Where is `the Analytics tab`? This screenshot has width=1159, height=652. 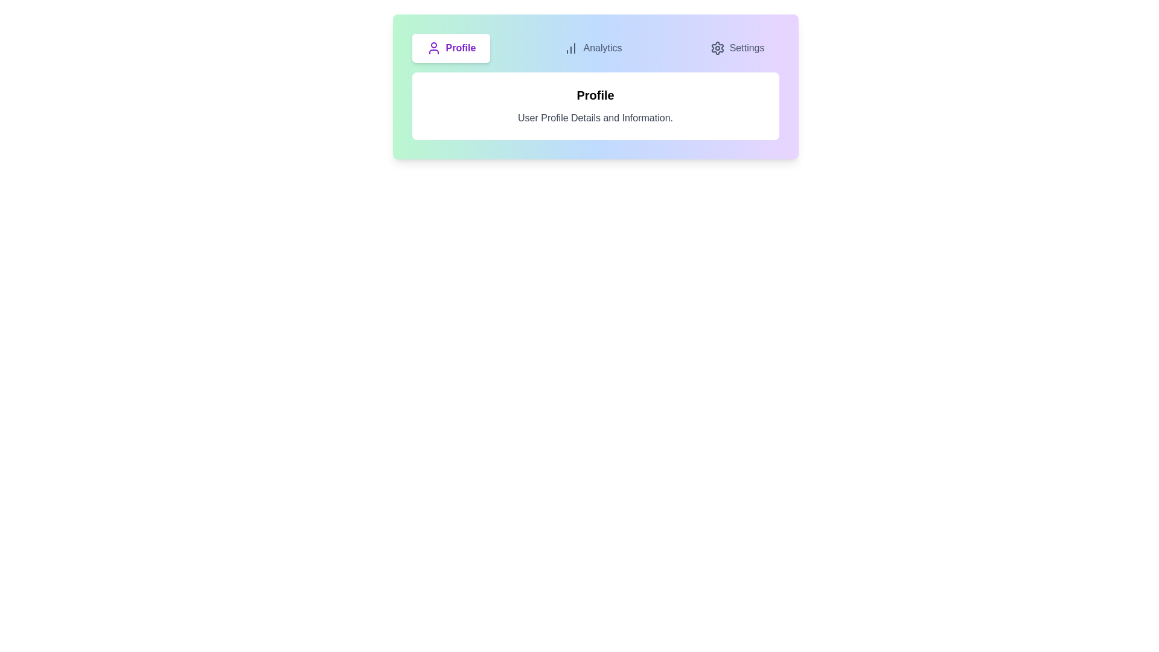 the Analytics tab is located at coordinates (593, 48).